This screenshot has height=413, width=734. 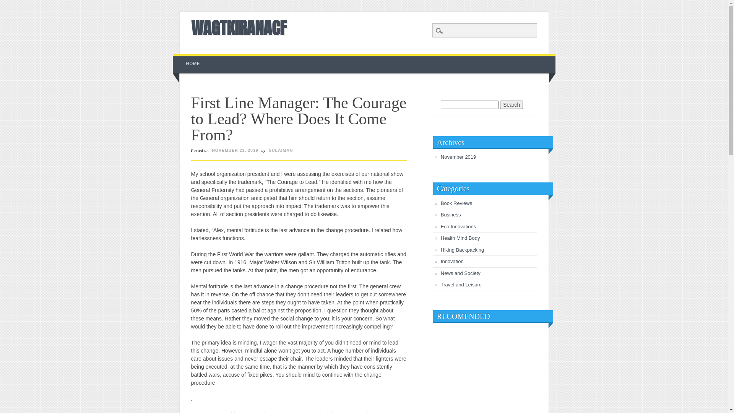 I want to click on 'Book Reviews', so click(x=456, y=203).